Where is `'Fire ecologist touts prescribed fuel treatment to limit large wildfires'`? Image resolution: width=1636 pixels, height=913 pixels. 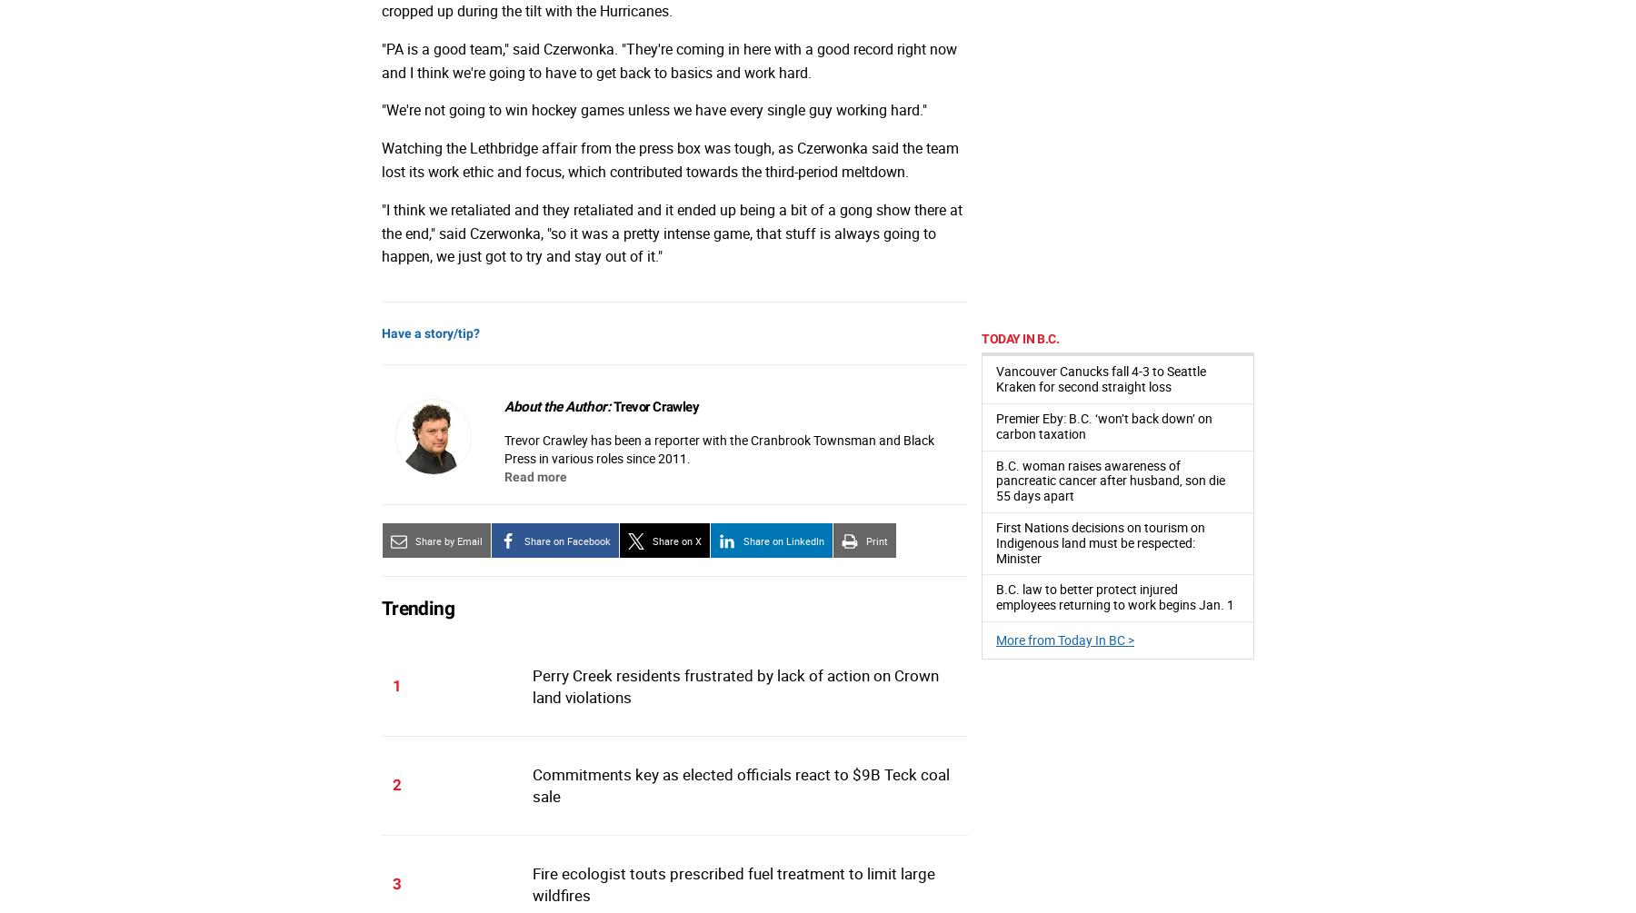
'Fire ecologist touts prescribed fuel treatment to limit large wildfires' is located at coordinates (733, 883).